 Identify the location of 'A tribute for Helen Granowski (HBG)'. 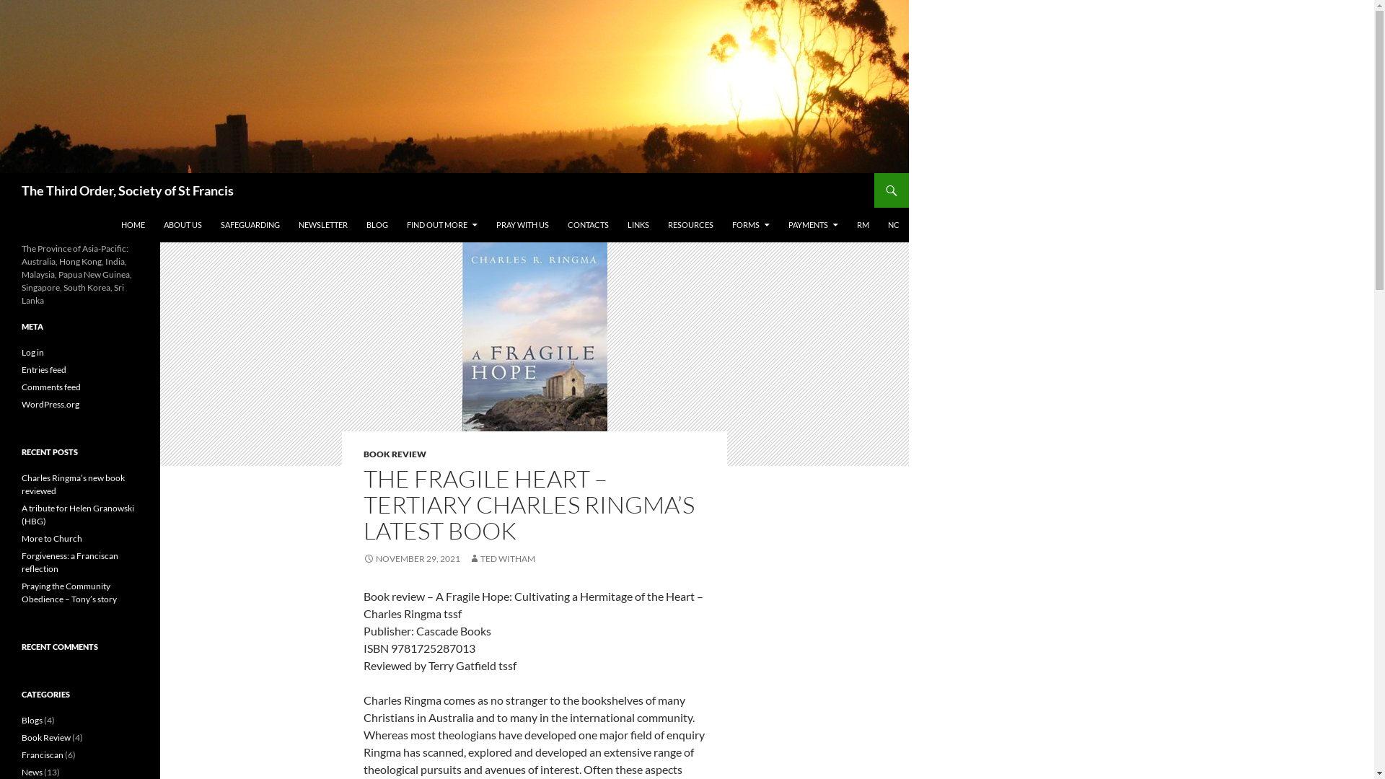
(77, 514).